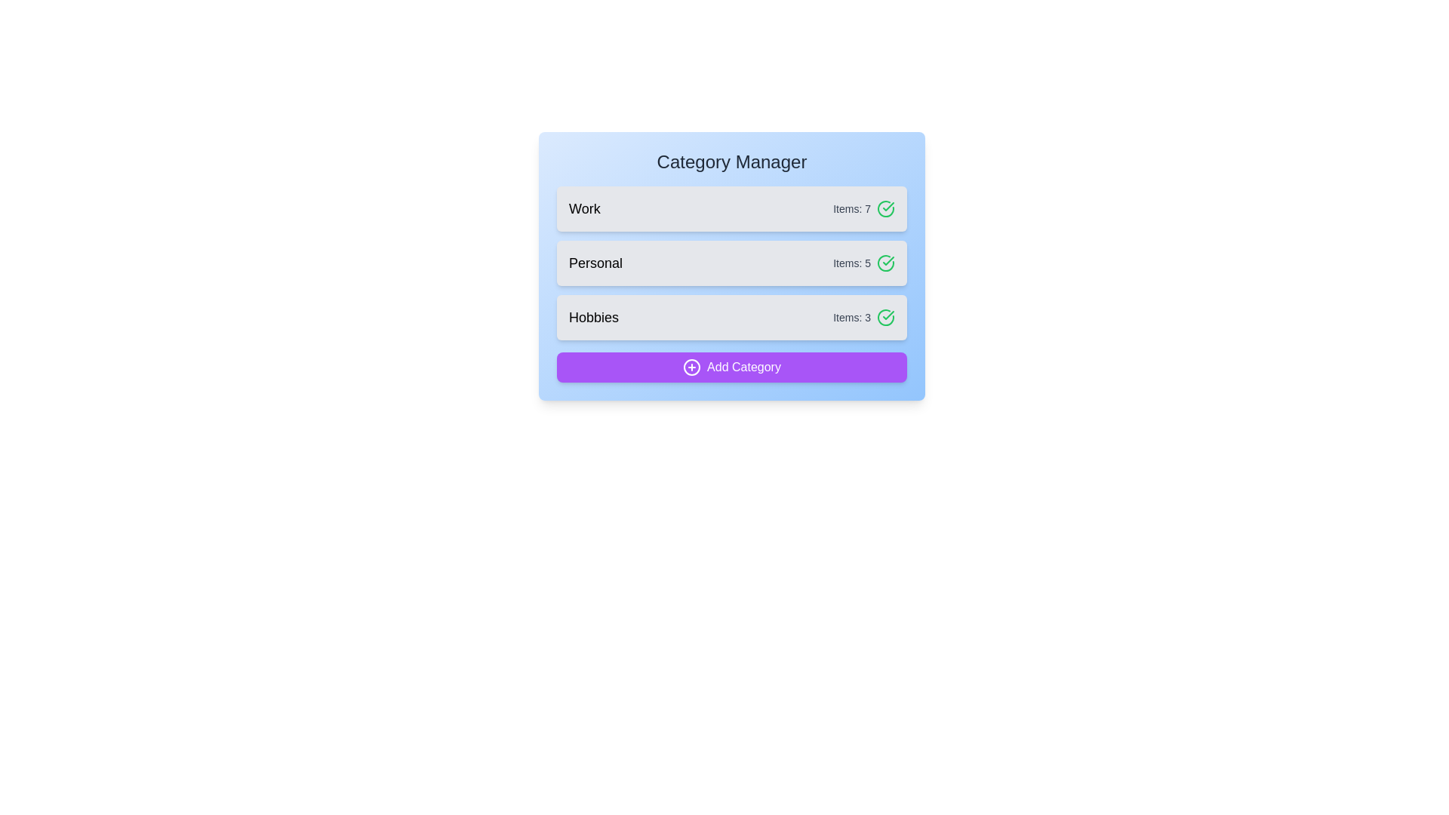  What do you see at coordinates (731, 367) in the screenshot?
I see `'Add Category' button to add a new category` at bounding box center [731, 367].